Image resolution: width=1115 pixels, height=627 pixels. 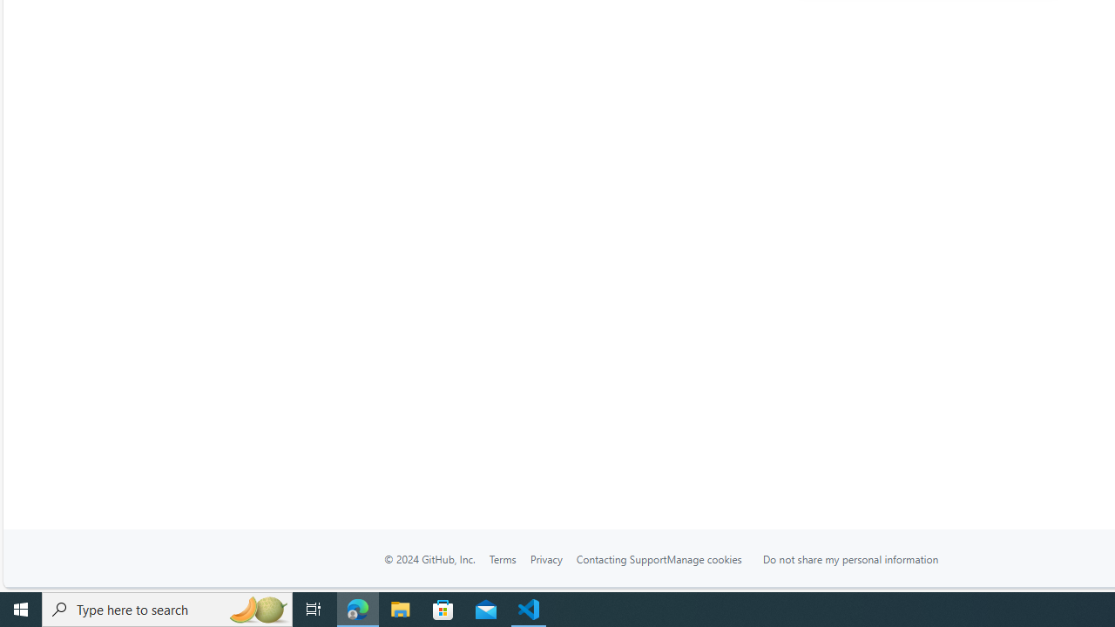 What do you see at coordinates (501, 559) in the screenshot?
I see `'Terms'` at bounding box center [501, 559].